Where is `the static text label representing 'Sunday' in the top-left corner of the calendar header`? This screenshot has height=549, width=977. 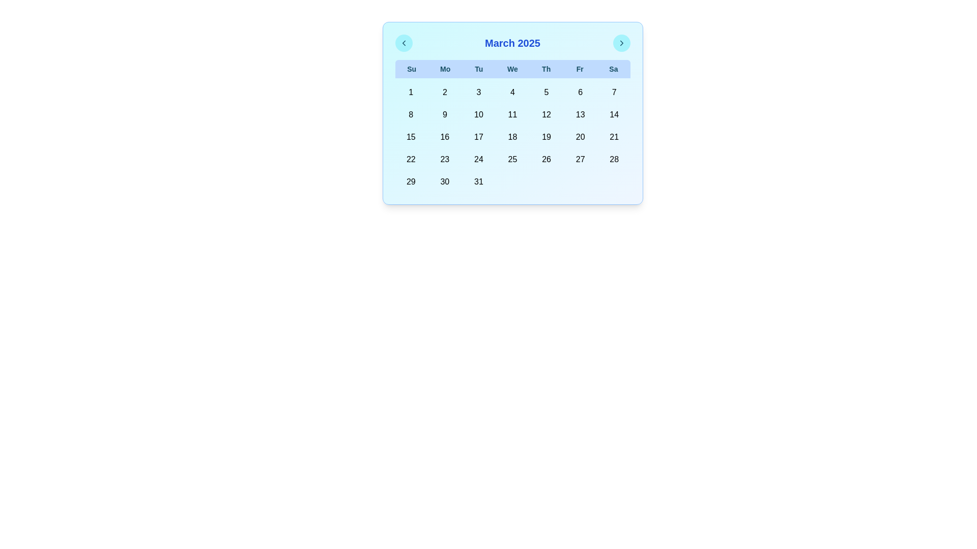
the static text label representing 'Sunday' in the top-left corner of the calendar header is located at coordinates (412, 69).